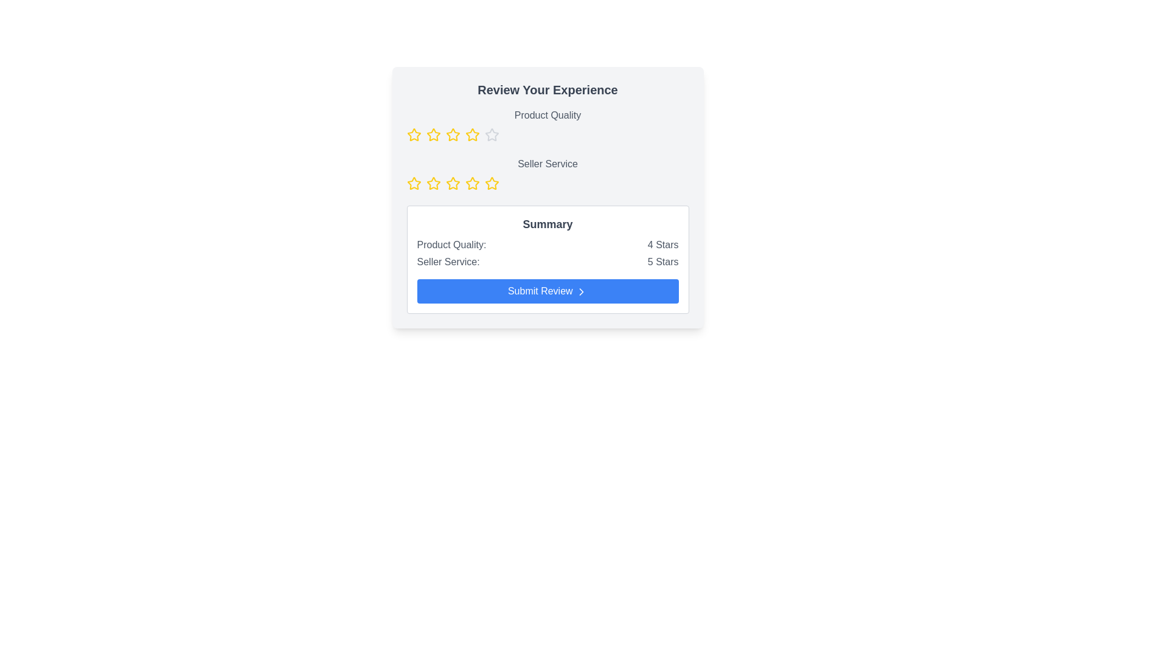 This screenshot has width=1168, height=657. I want to click on the fifth yellow star icon in the rating component under the 'Seller Service' label to rate it, so click(471, 183).